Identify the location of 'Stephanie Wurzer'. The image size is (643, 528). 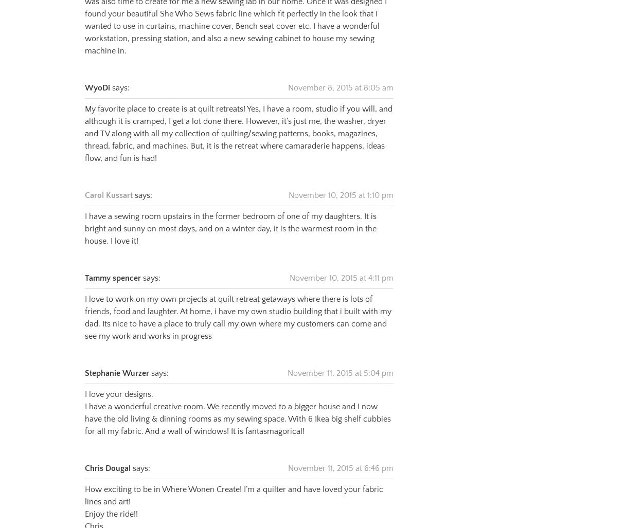
(116, 360).